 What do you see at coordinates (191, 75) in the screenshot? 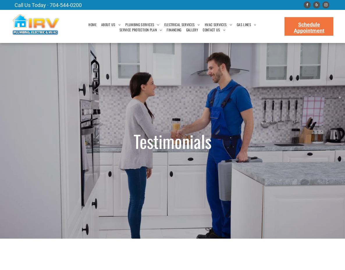
I see `'WHOLE HOUSE SURGE PROTECTION'` at bounding box center [191, 75].